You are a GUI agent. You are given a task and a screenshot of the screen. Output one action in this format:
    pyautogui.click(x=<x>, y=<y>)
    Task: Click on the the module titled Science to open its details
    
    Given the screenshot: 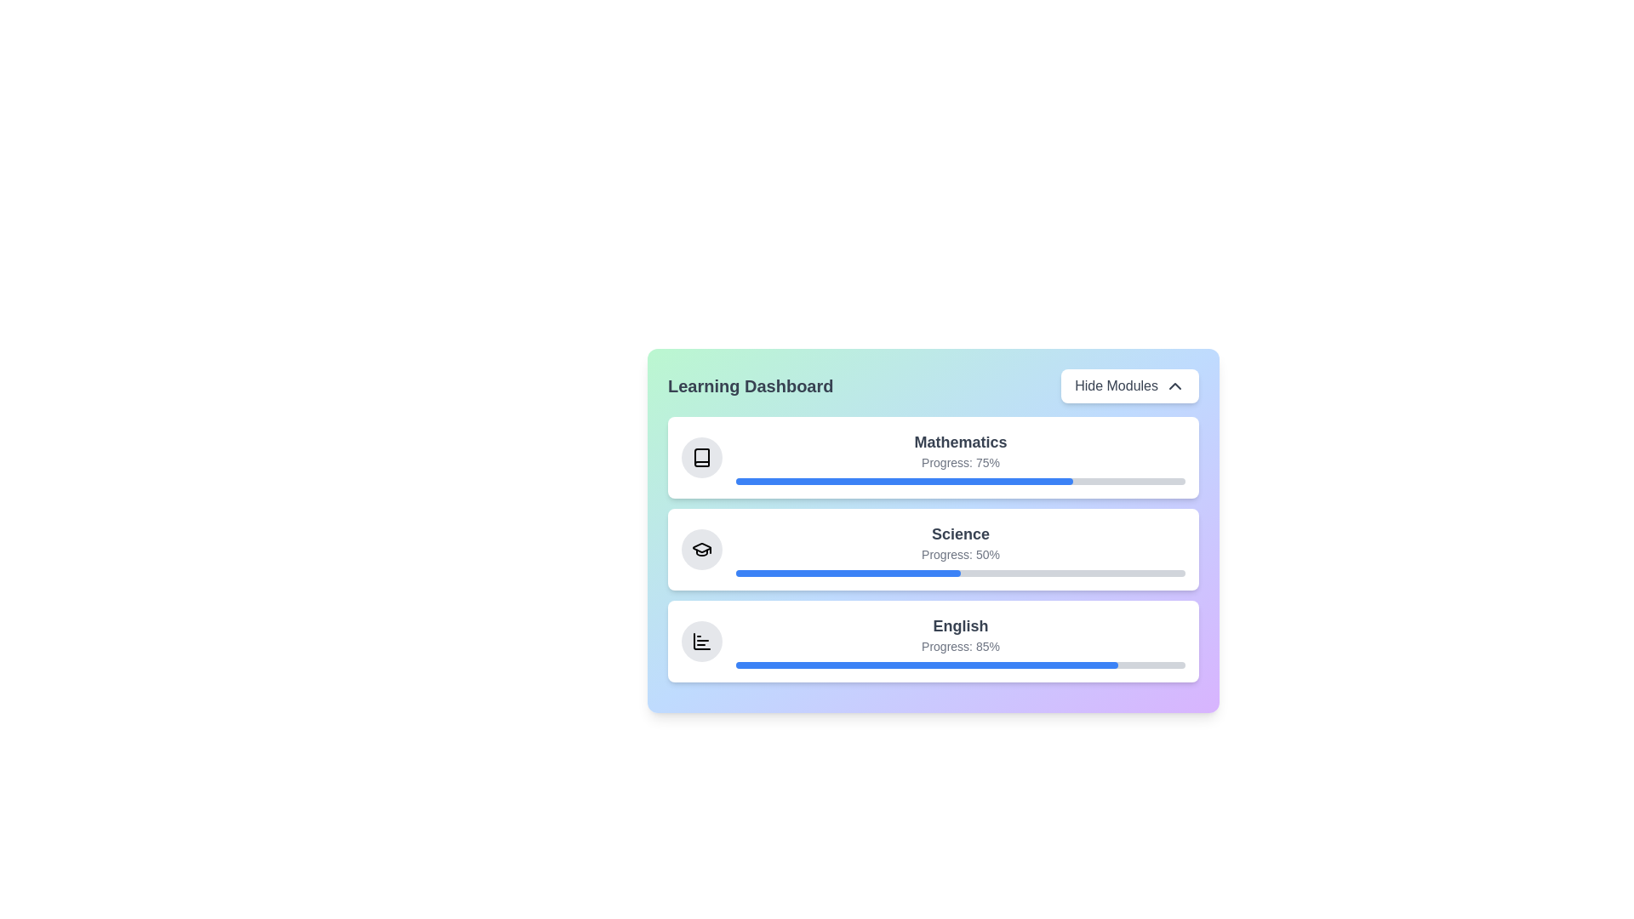 What is the action you would take?
    pyautogui.click(x=933, y=549)
    